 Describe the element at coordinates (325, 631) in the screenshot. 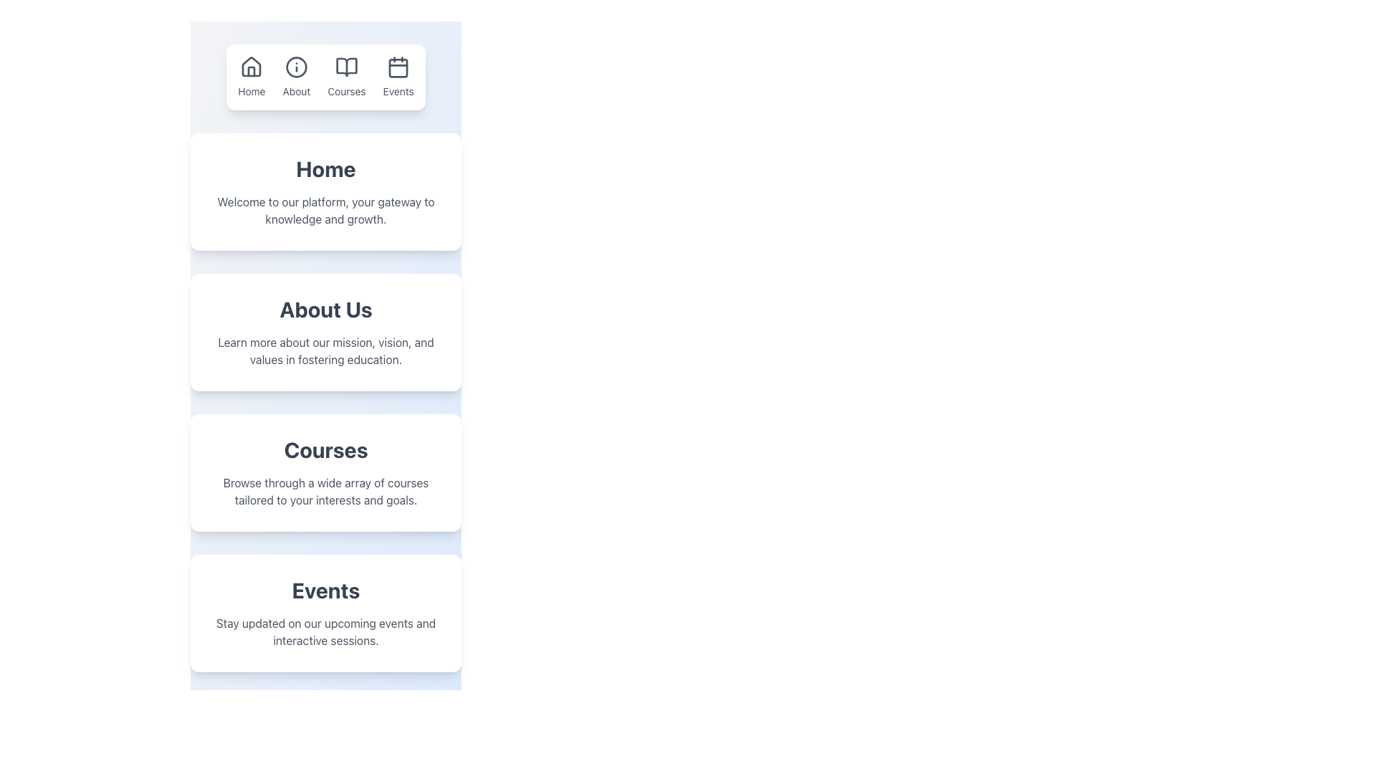

I see `descriptive invitation text about staying informed regarding upcoming events, located beneath the 'Events' title in the Events section of the webpage` at that location.